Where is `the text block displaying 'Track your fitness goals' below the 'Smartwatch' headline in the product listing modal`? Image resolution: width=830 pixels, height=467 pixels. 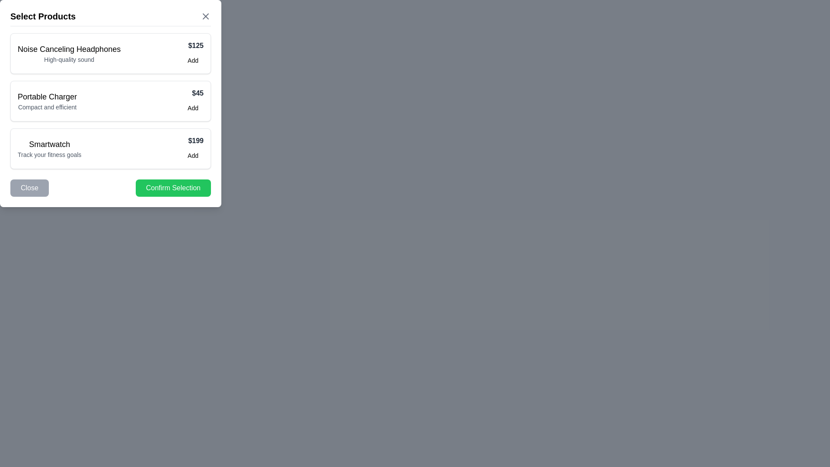 the text block displaying 'Track your fitness goals' below the 'Smartwatch' headline in the product listing modal is located at coordinates (49, 148).